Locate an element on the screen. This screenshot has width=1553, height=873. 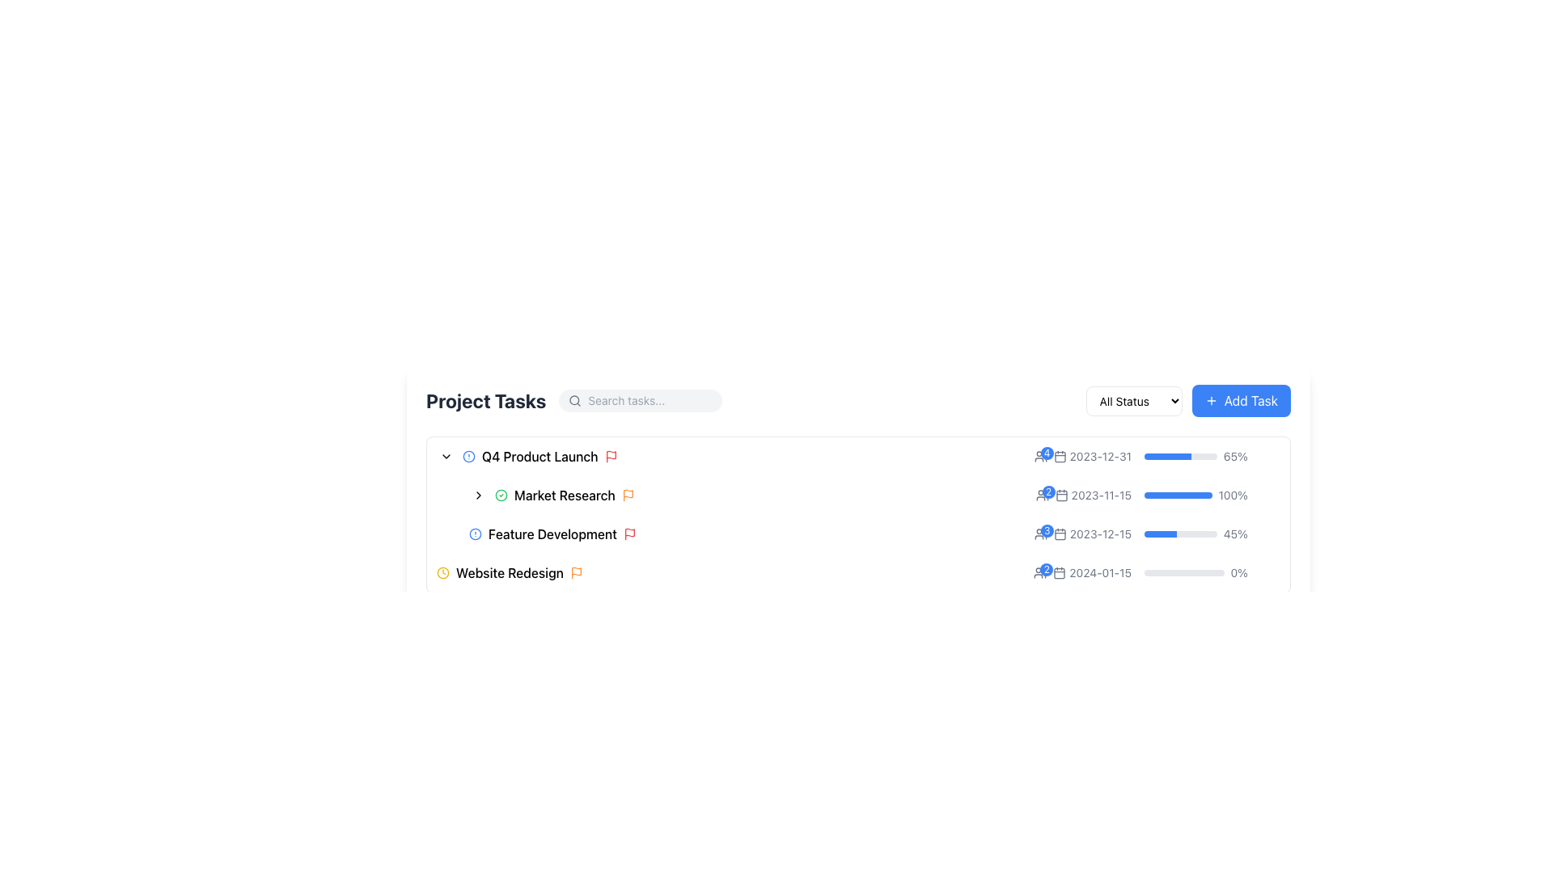
the text displaying the due date of the task corresponding to 'Market Research' is located at coordinates (1092, 456).